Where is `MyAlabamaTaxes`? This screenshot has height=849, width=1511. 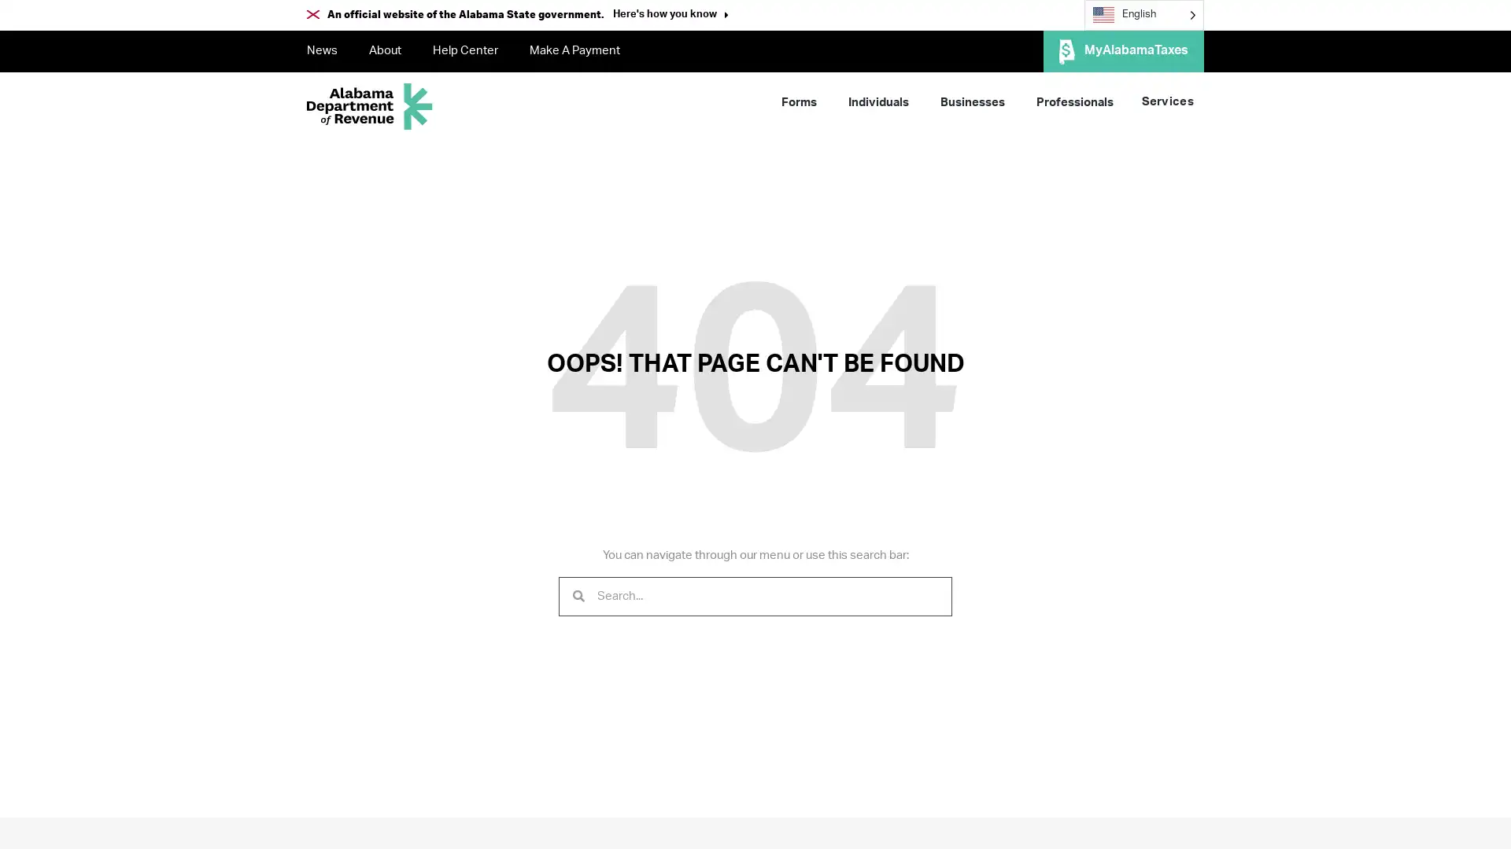
MyAlabamaTaxes is located at coordinates (1123, 50).